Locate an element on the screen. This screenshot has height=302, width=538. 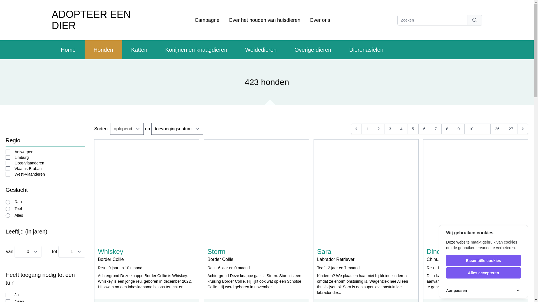
'Konijnen en knaagdieren' is located at coordinates (196, 49).